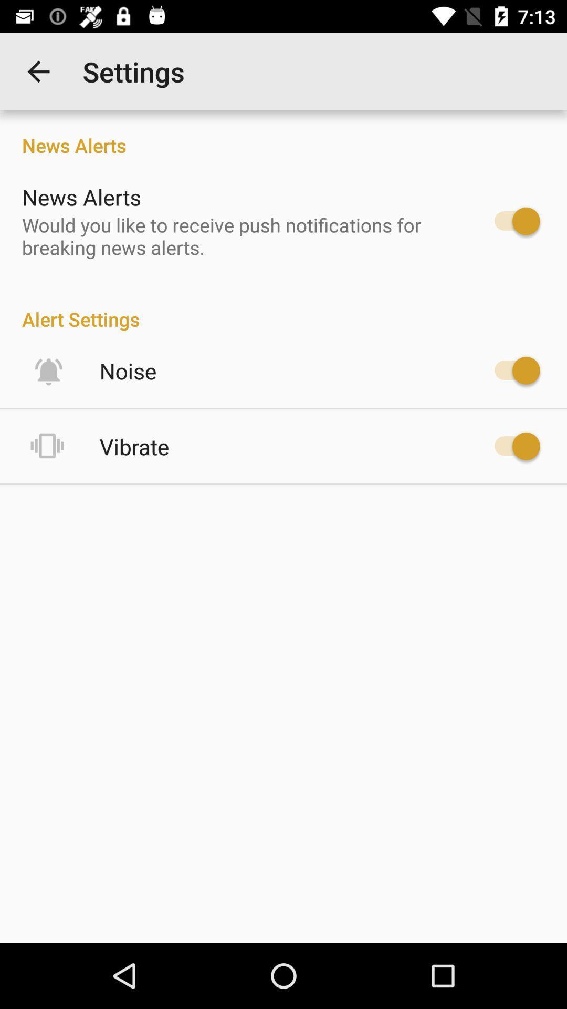  I want to click on vibrate icon, so click(134, 446).